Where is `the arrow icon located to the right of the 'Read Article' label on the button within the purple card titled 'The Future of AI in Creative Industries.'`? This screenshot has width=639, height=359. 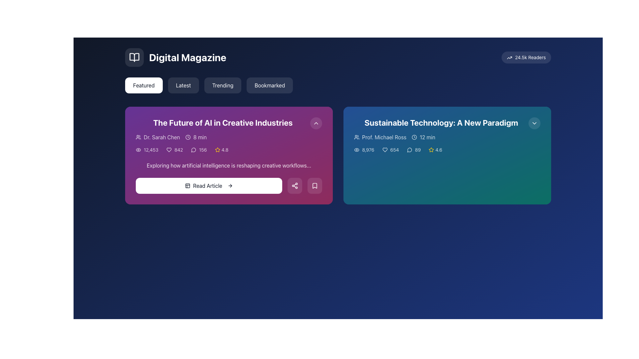
the arrow icon located to the right of the 'Read Article' label on the button within the purple card titled 'The Future of AI in Creative Industries.' is located at coordinates (230, 186).